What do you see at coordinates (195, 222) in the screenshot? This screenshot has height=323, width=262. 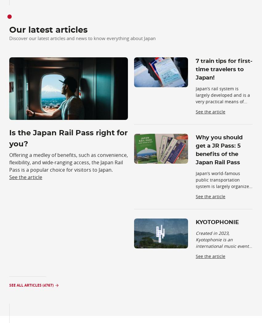 I see `'KYOTOPHONIE'` at bounding box center [195, 222].